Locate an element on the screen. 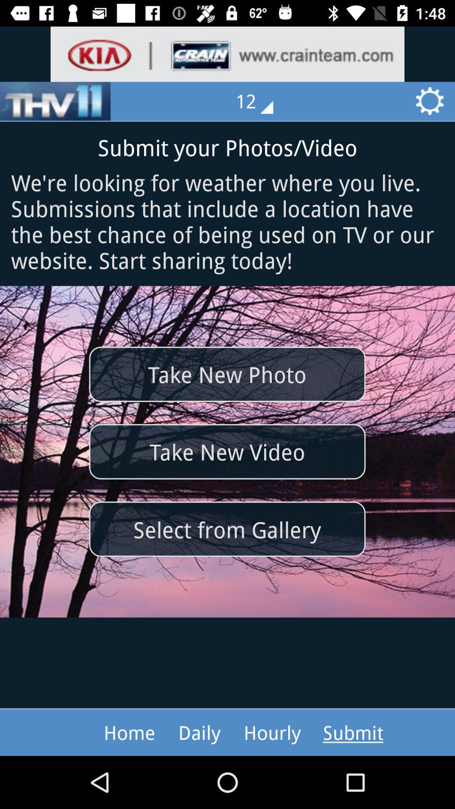 This screenshot has height=809, width=455. banner advertisement is located at coordinates (227, 54).